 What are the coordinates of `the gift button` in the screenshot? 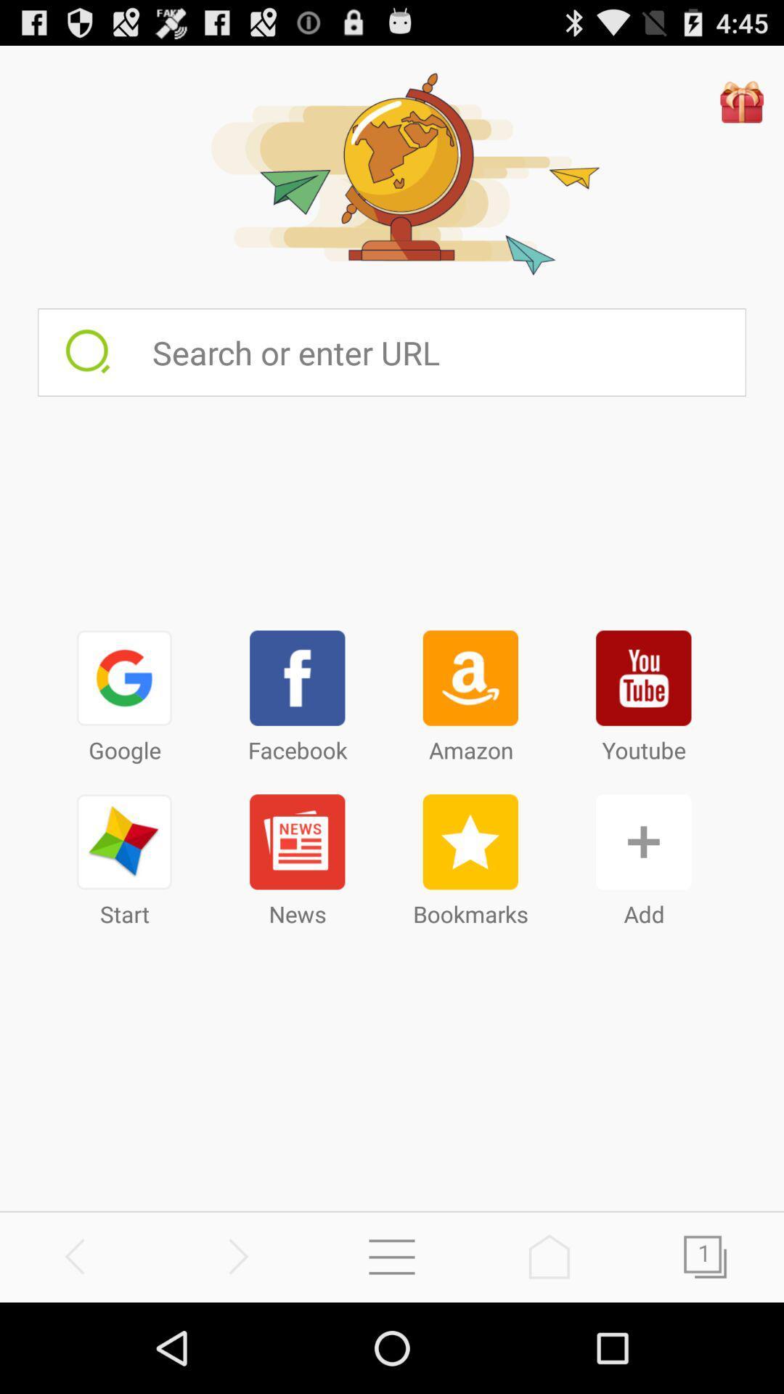 It's located at (742, 100).